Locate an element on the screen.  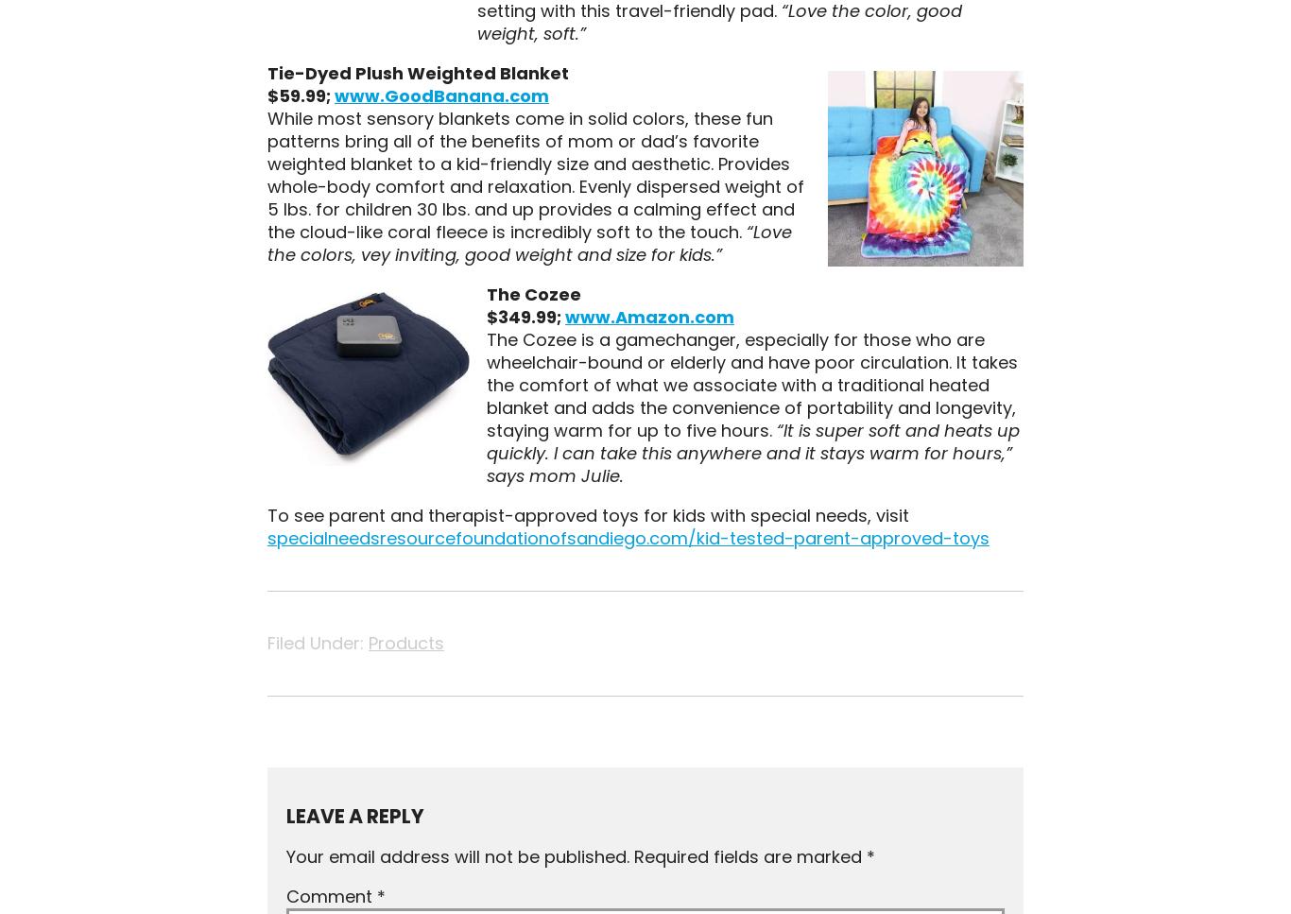
'Comment' is located at coordinates (329, 894).